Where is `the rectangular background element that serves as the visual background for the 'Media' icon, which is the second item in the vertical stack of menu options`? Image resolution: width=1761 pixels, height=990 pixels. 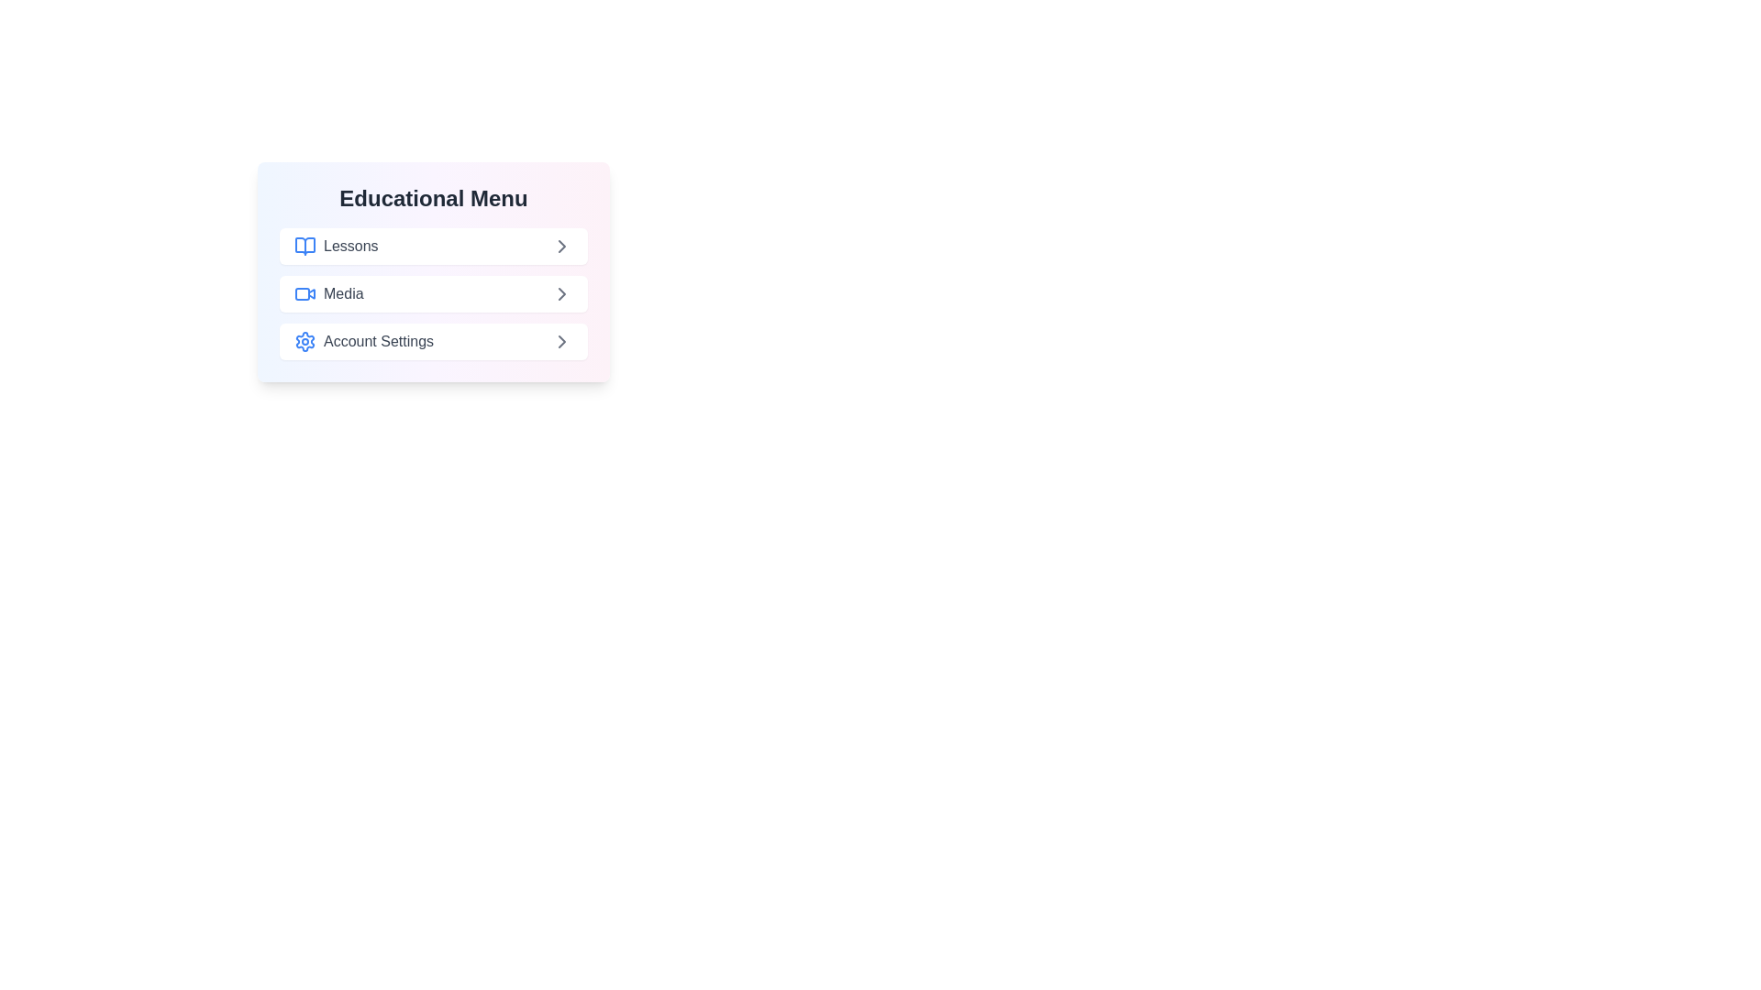 the rectangular background element that serves as the visual background for the 'Media' icon, which is the second item in the vertical stack of menu options is located at coordinates (303, 292).